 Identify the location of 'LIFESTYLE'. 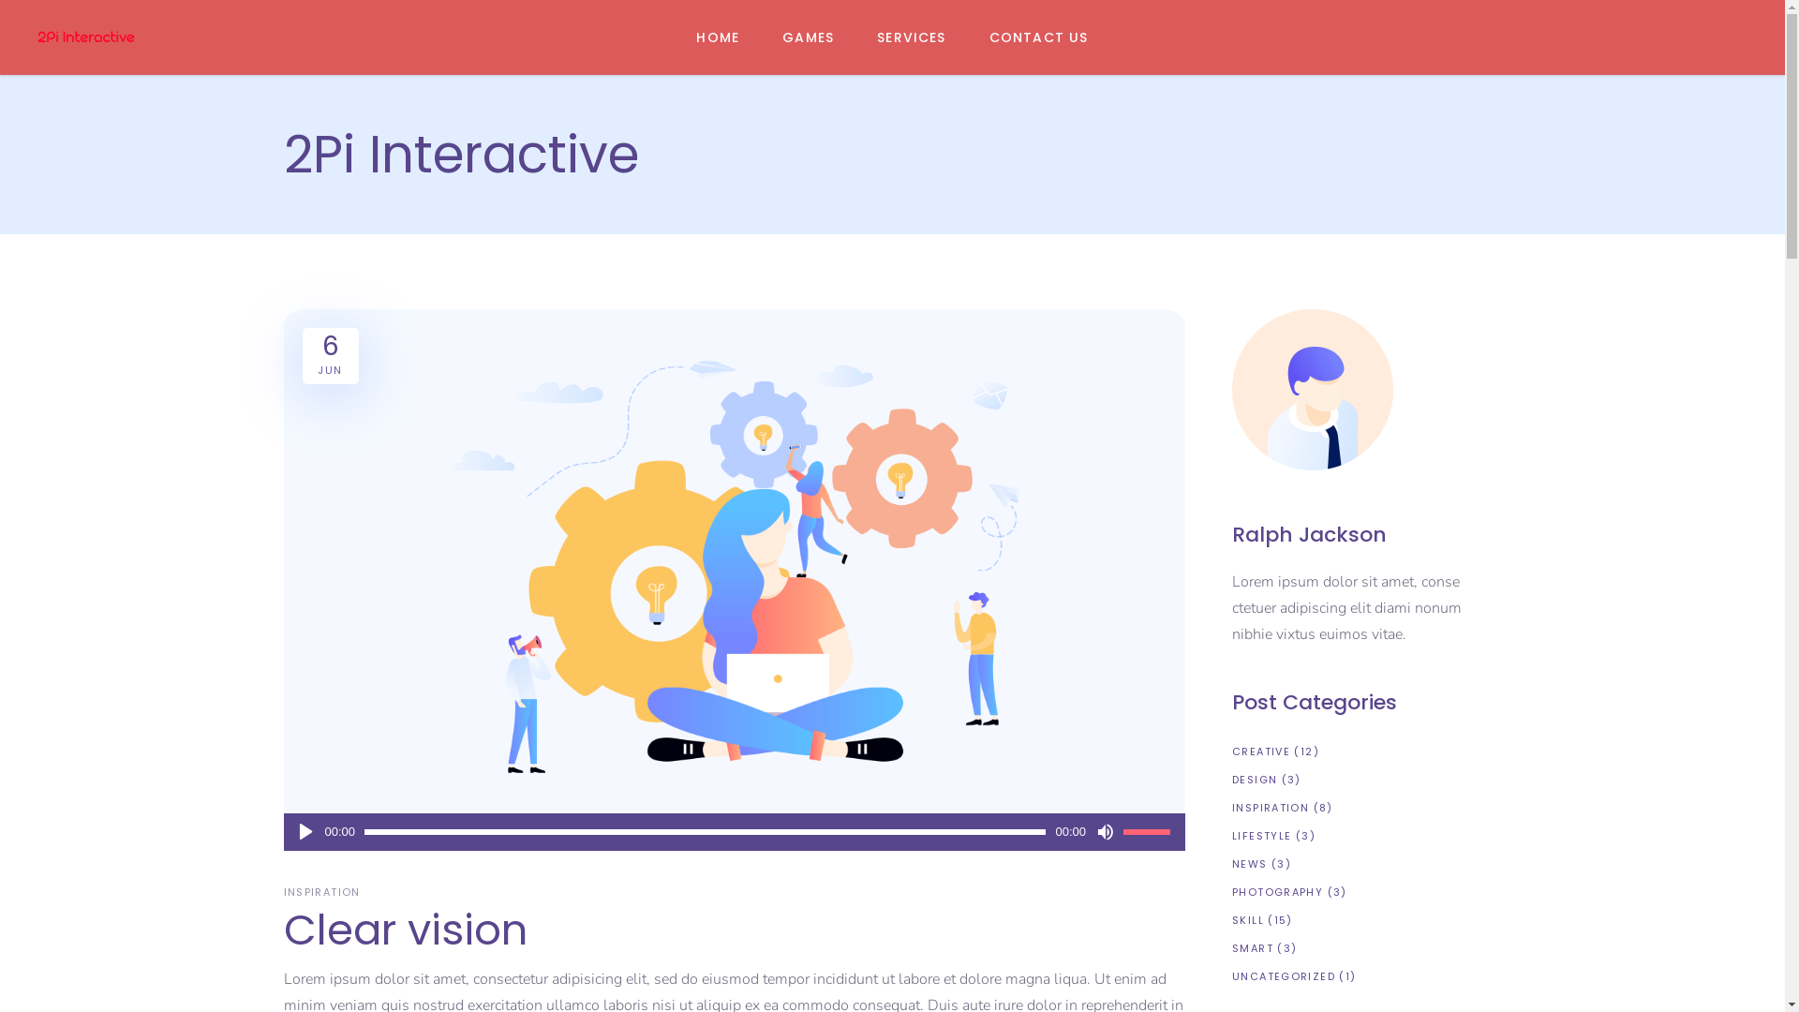
(1232, 834).